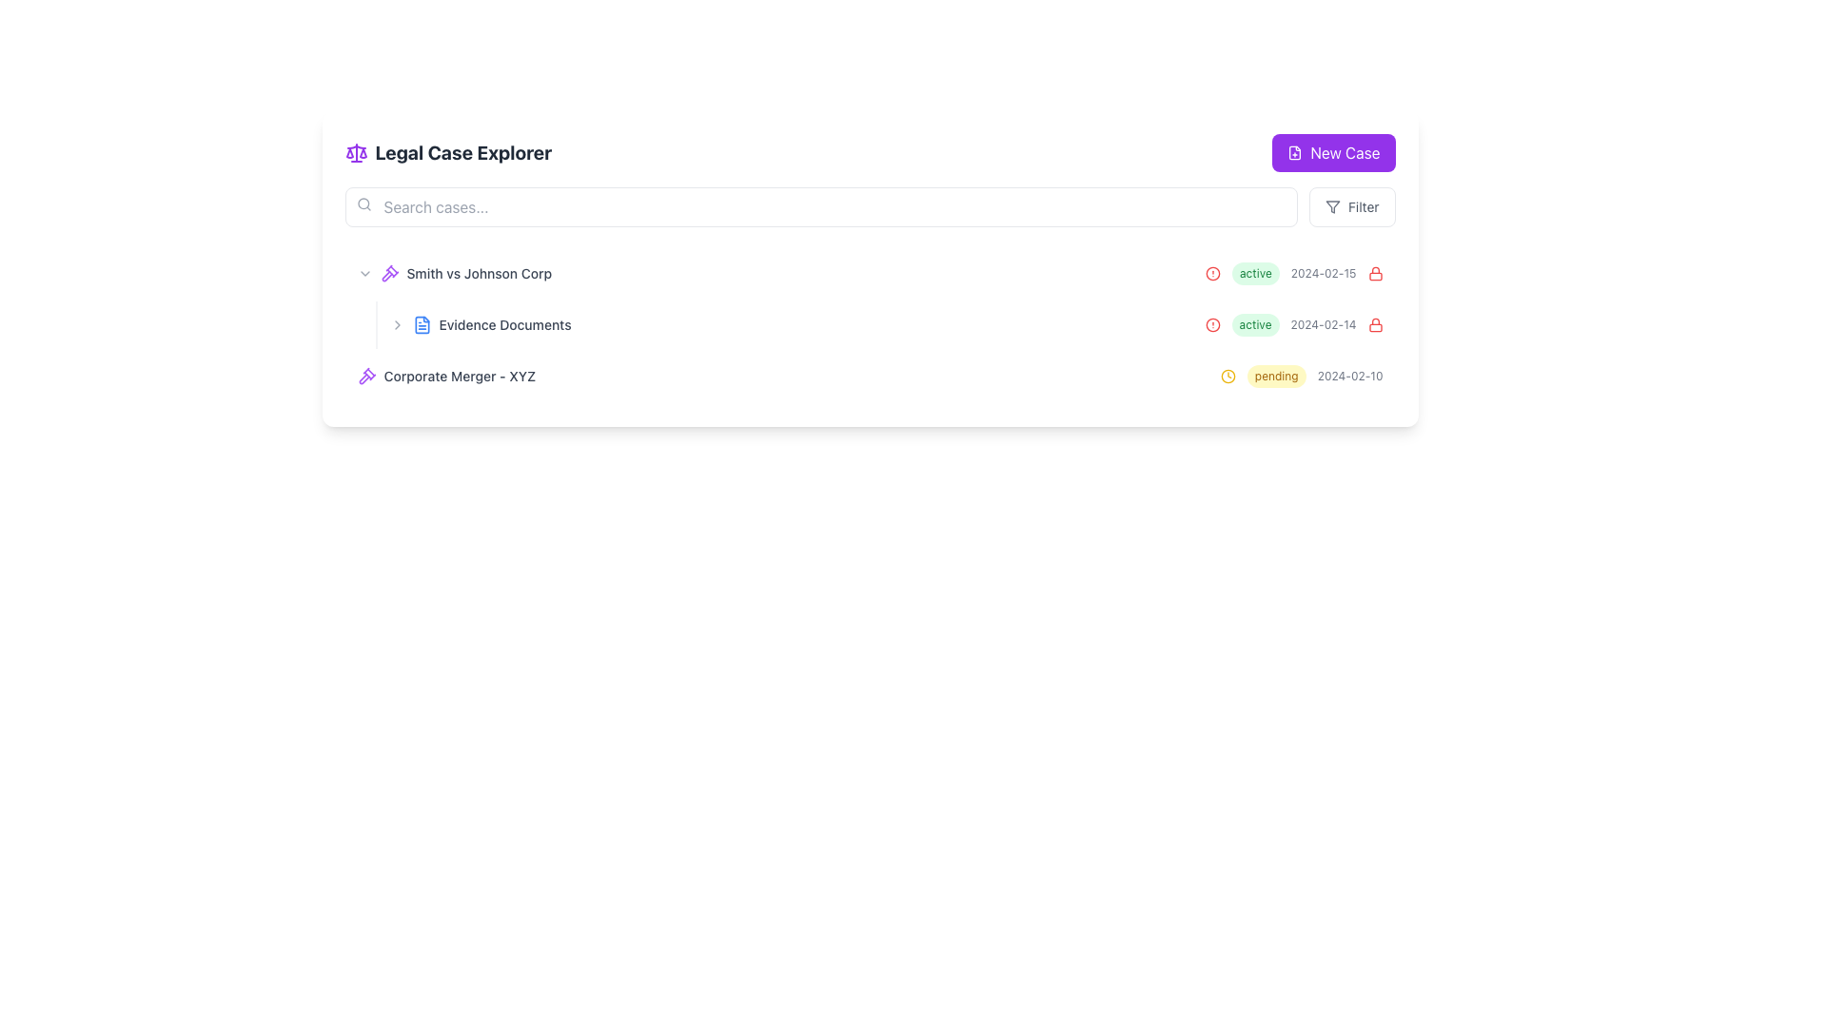 Image resolution: width=1827 pixels, height=1027 pixels. What do you see at coordinates (363, 152) in the screenshot?
I see `the filled triangular Decorative icon of the justice scale, which is colored in purple and located in the main navigation bar of the Legal Case Explorer application` at bounding box center [363, 152].